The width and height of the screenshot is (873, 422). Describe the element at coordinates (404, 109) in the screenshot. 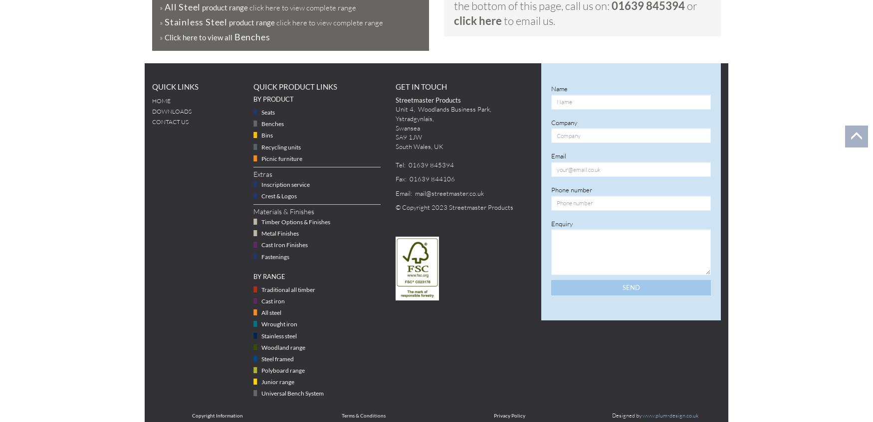

I see `'Unit 4'` at that location.